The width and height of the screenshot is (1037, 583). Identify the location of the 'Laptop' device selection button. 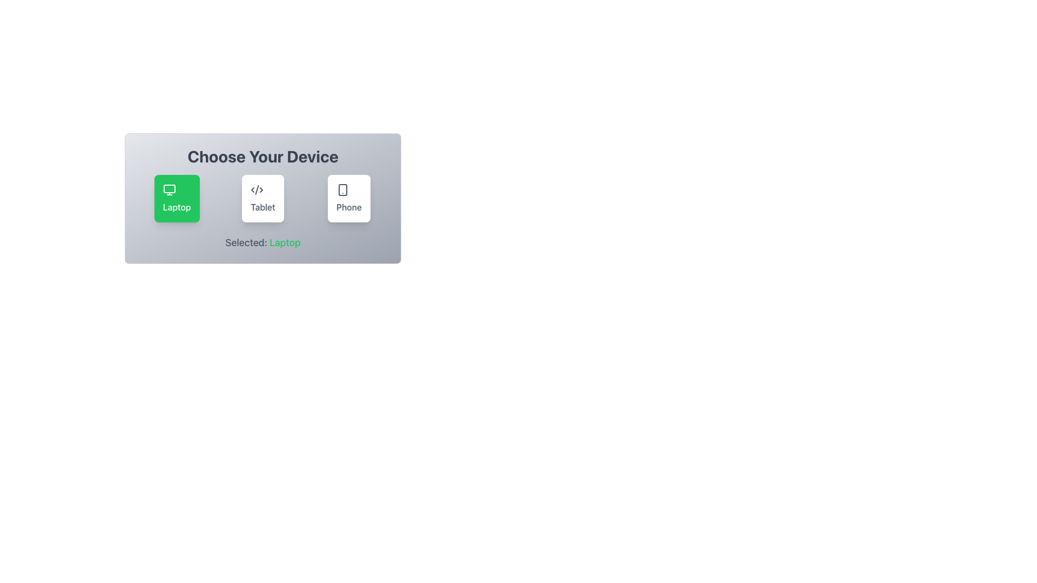
(177, 198).